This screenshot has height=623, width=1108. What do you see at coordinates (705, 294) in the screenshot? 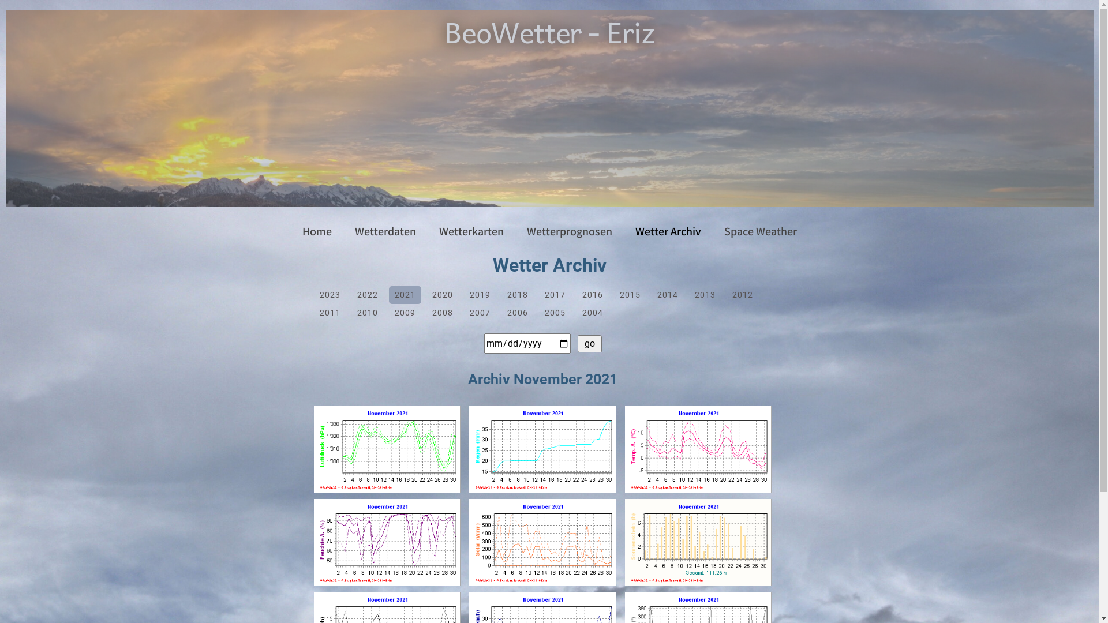
I see `'2013'` at bounding box center [705, 294].